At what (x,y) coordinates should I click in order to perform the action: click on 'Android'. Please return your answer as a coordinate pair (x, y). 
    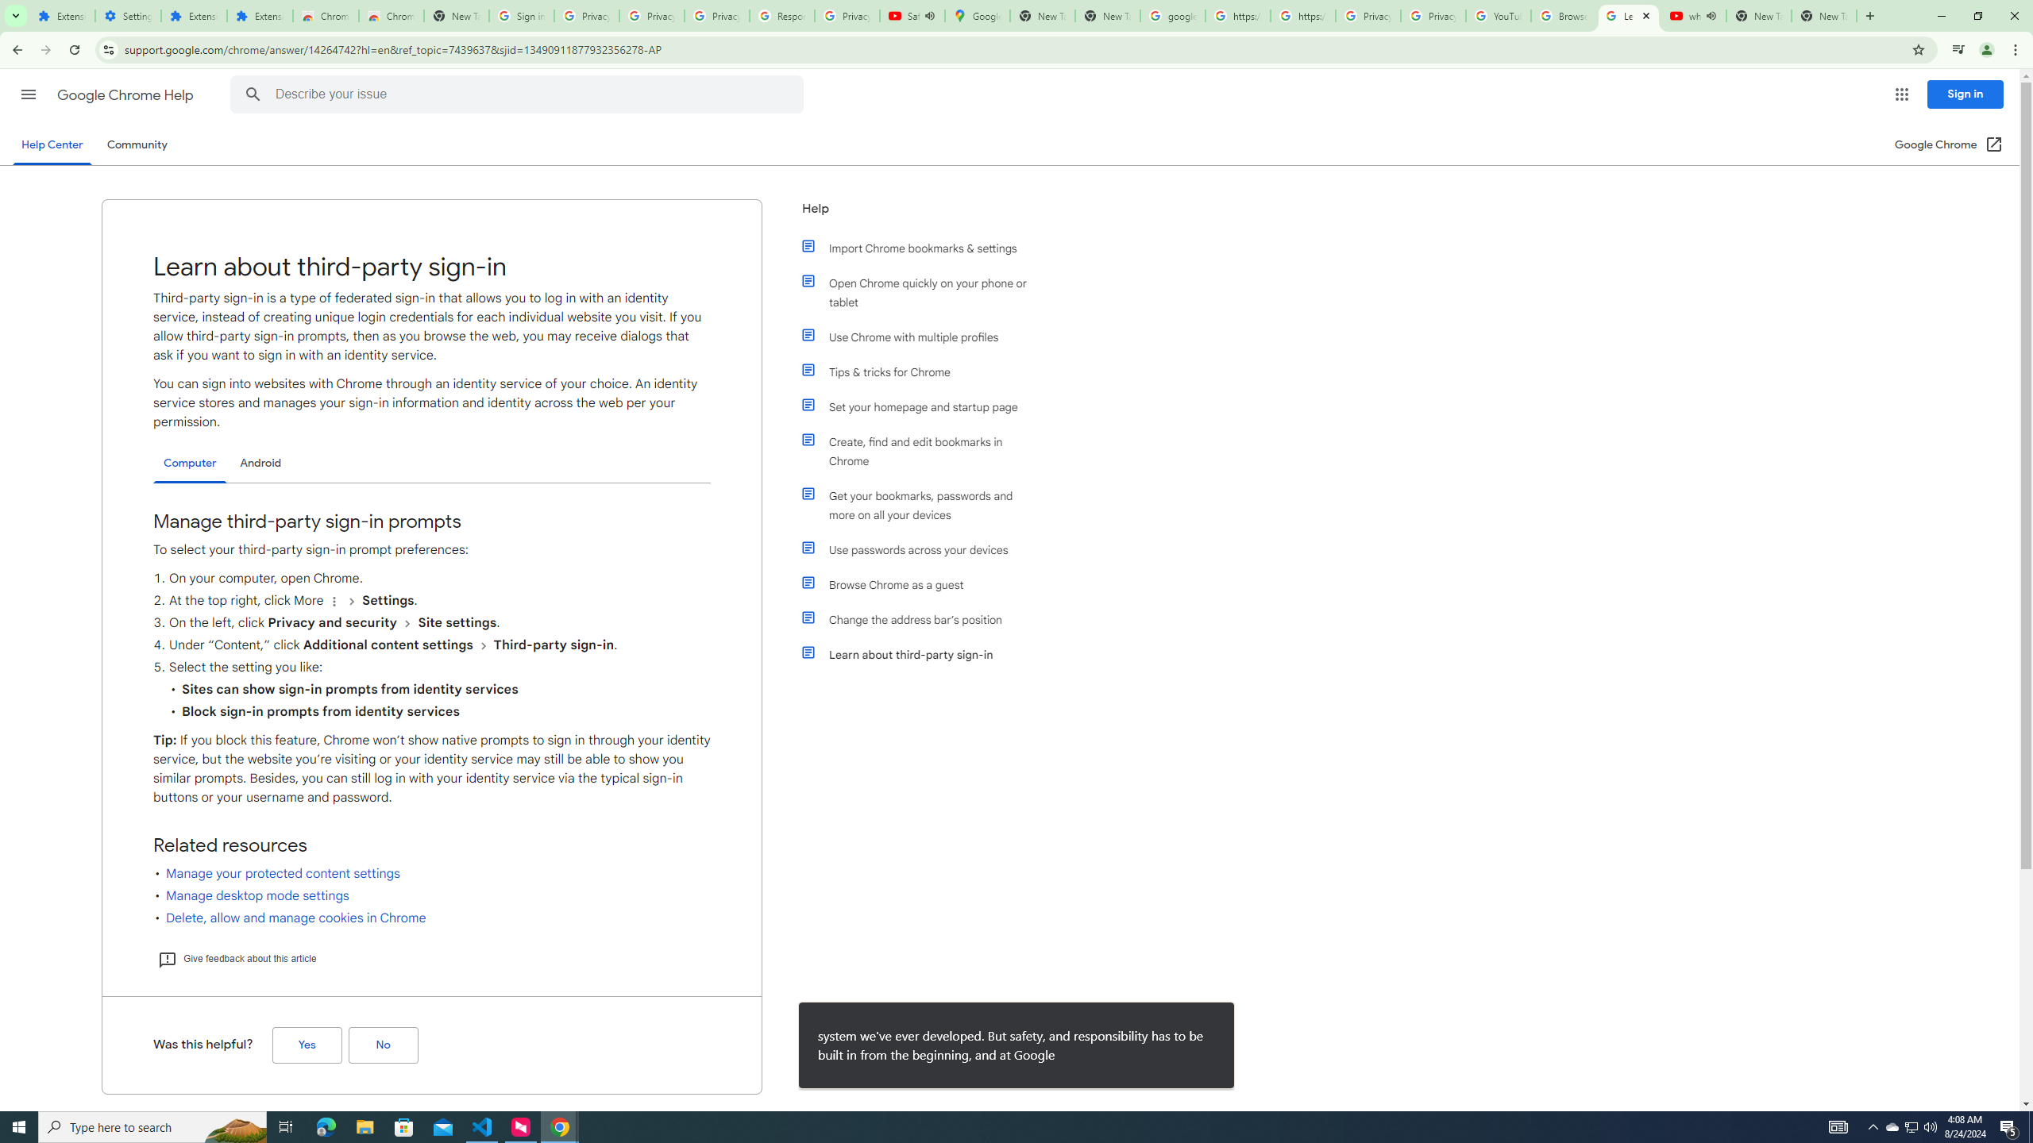
    Looking at the image, I should click on (260, 462).